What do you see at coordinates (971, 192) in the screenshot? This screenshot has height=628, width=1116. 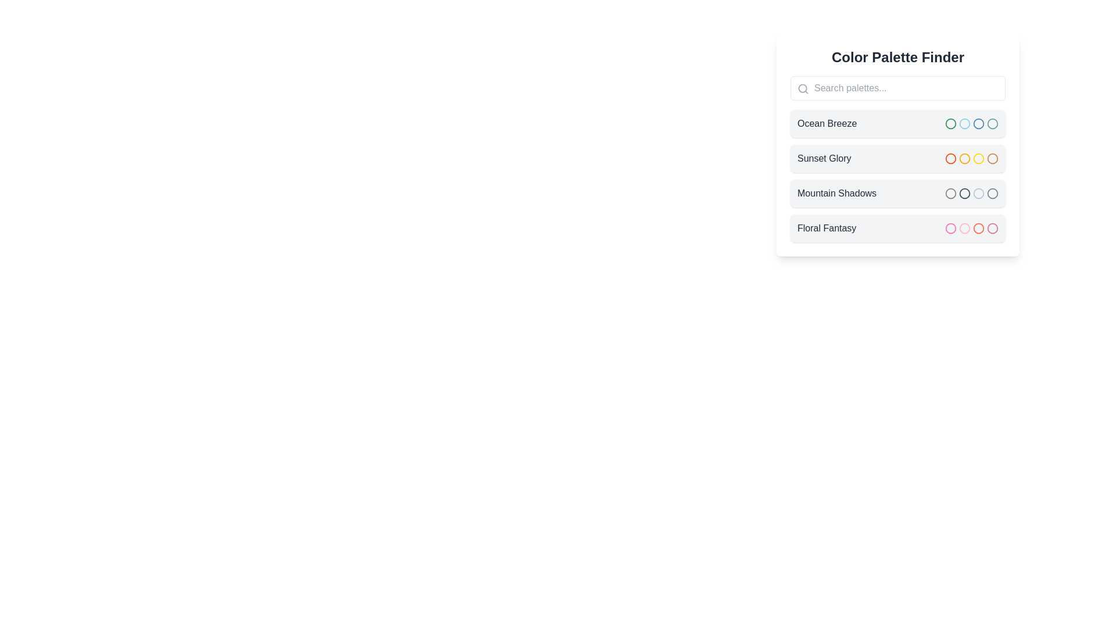 I see `the button group containing four circular color icons (gray, teal, blue, dark gray) in the 'Mountain Shadows' row` at bounding box center [971, 192].